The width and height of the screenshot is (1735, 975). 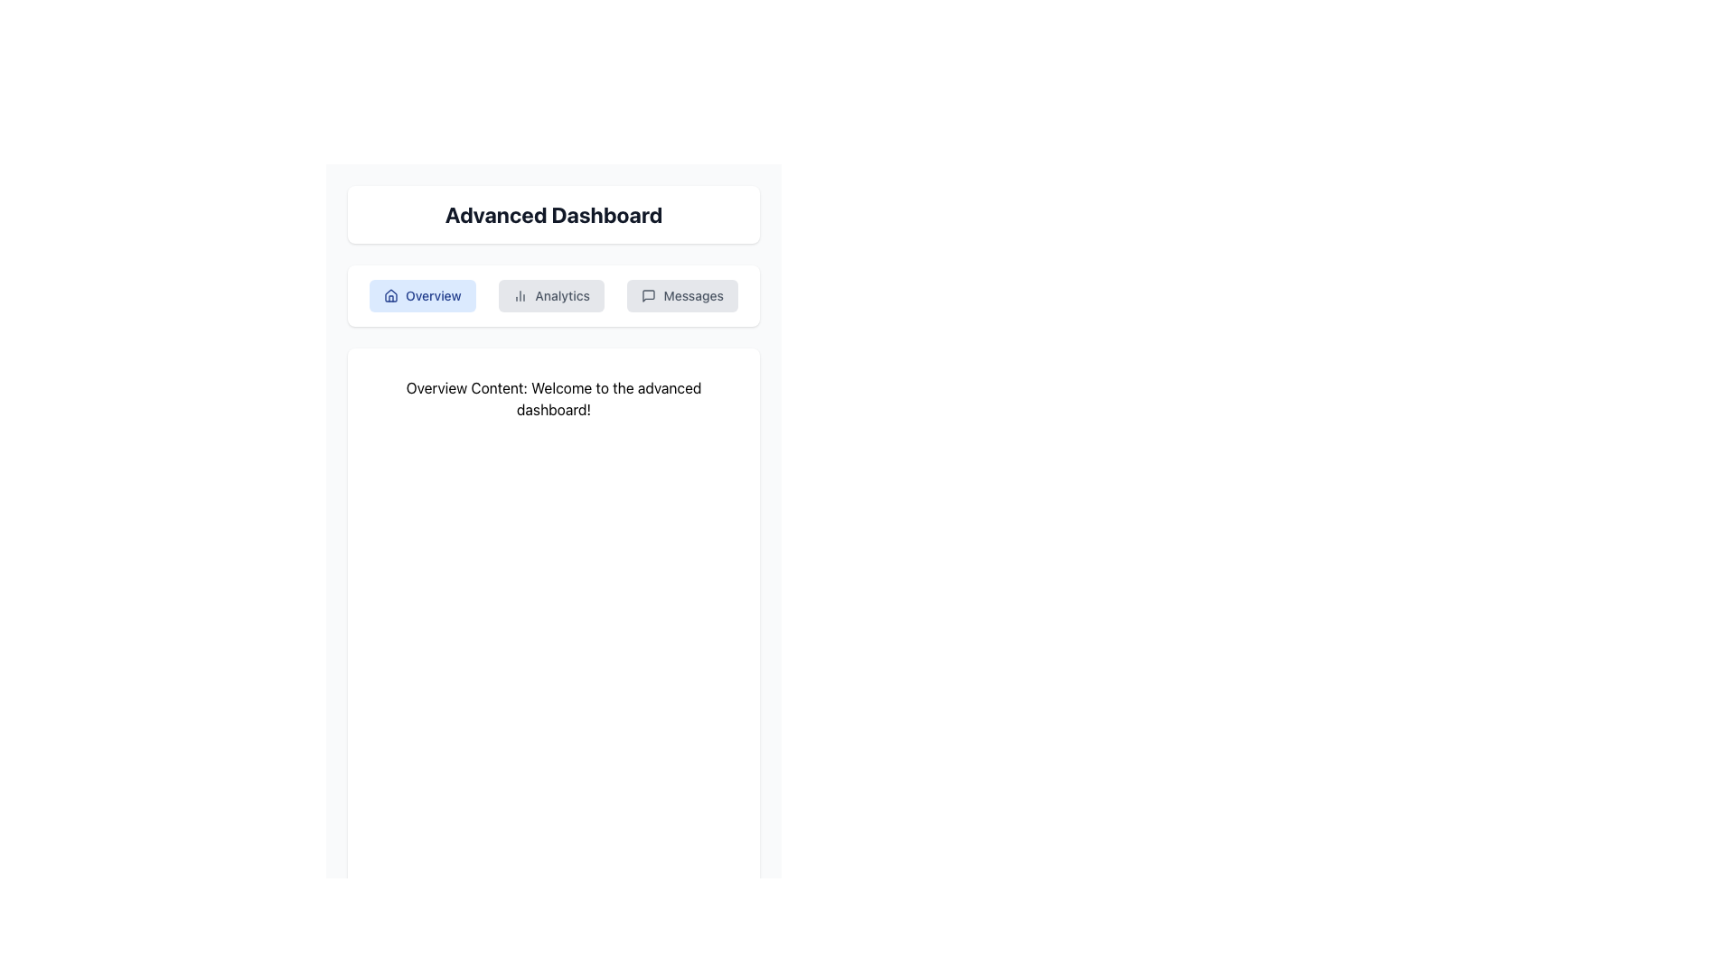 I want to click on the house-shaped icon, so click(x=389, y=294).